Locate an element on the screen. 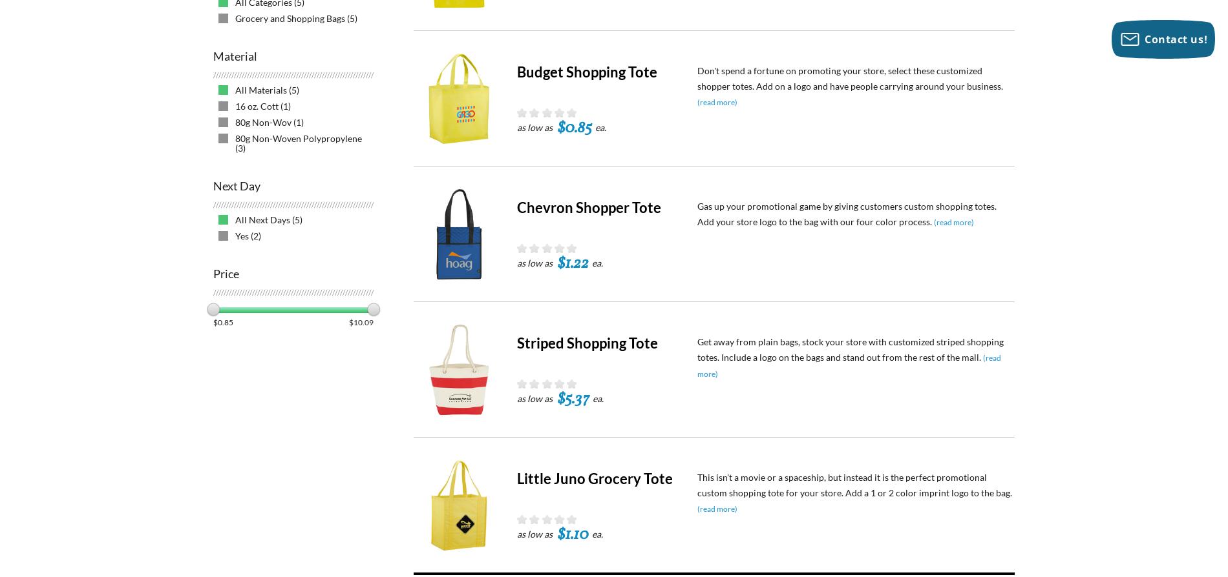 This screenshot has width=1228, height=577. '80g Non-Woven Polypropylene (3)' is located at coordinates (298, 143).